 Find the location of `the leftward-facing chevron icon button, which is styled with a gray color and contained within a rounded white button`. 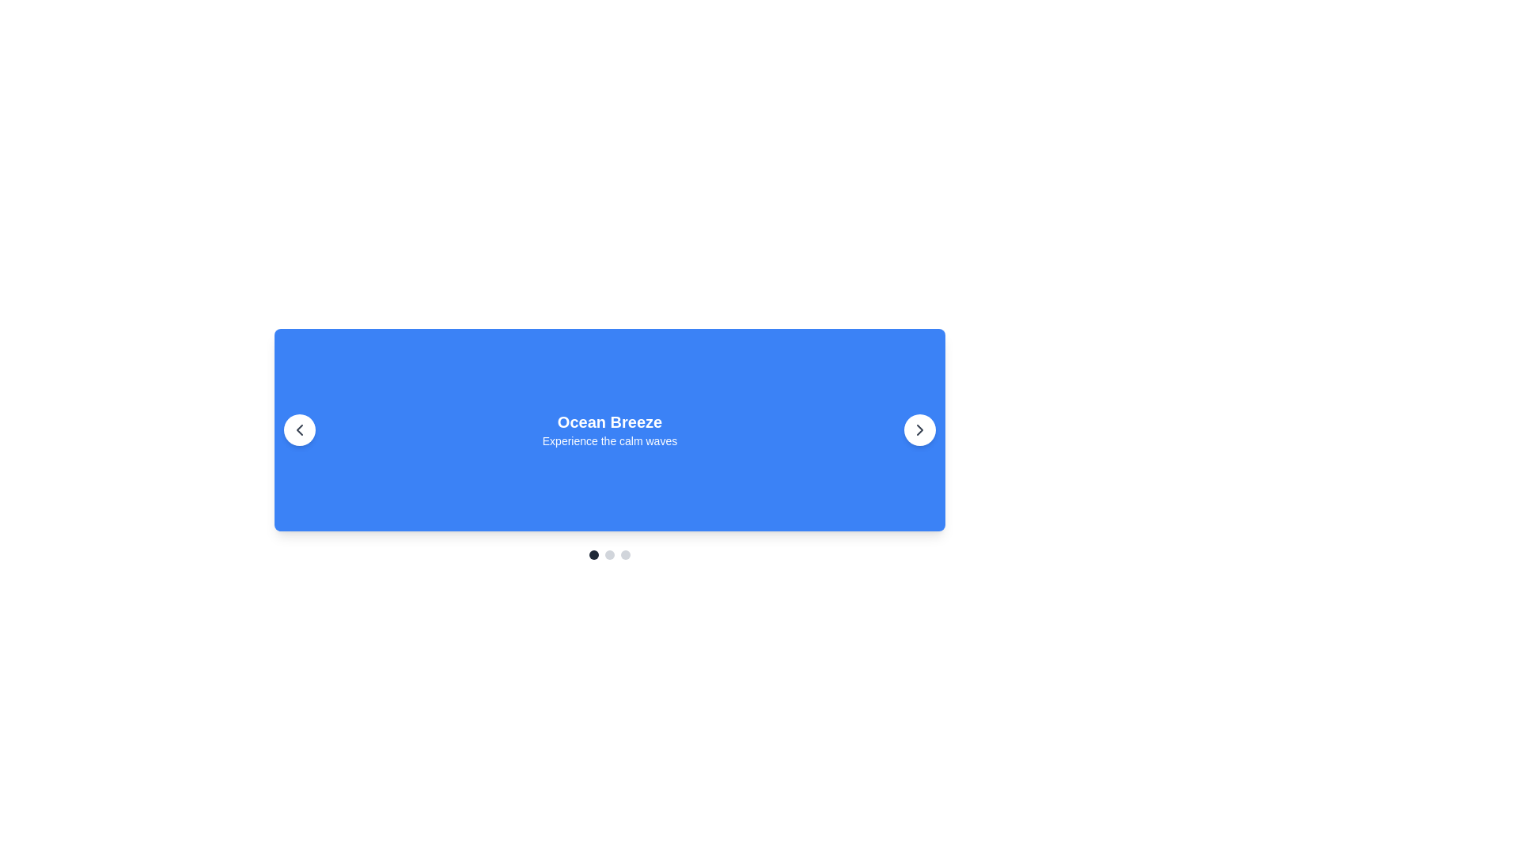

the leftward-facing chevron icon button, which is styled with a gray color and contained within a rounded white button is located at coordinates (300, 429).